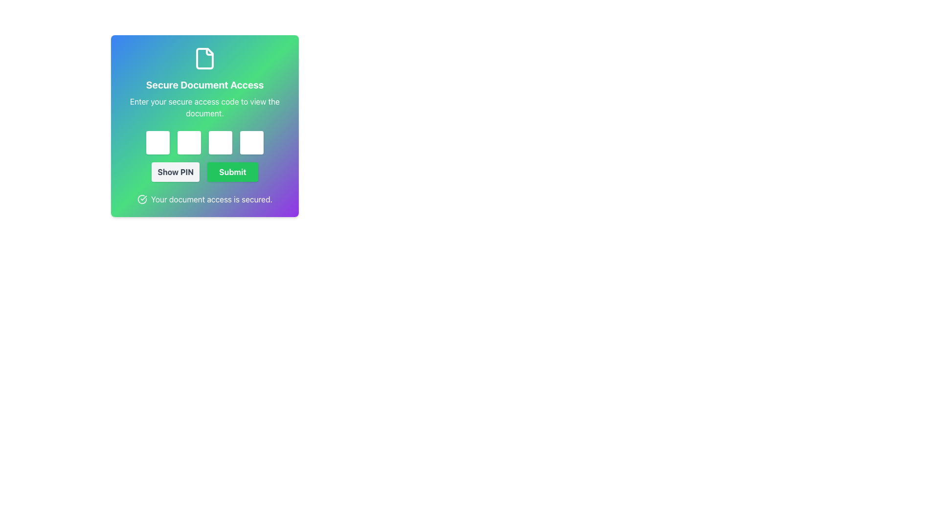 The width and height of the screenshot is (939, 528). I want to click on the 'Submit' button with a vibrant green background, so click(204, 171).